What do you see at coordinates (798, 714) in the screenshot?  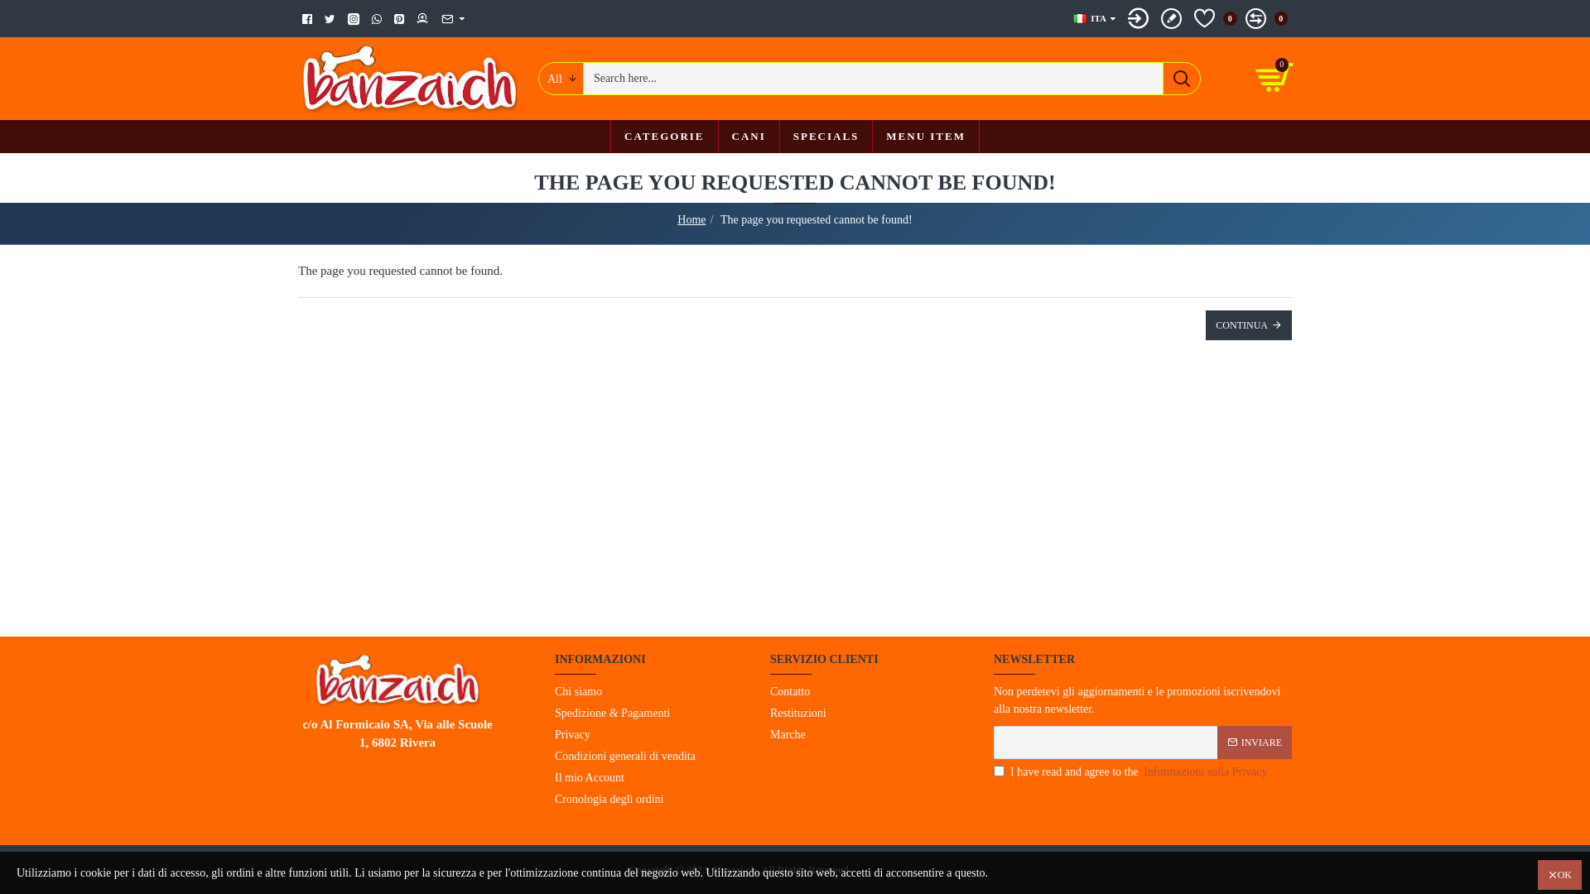 I see `'Restituzioni'` at bounding box center [798, 714].